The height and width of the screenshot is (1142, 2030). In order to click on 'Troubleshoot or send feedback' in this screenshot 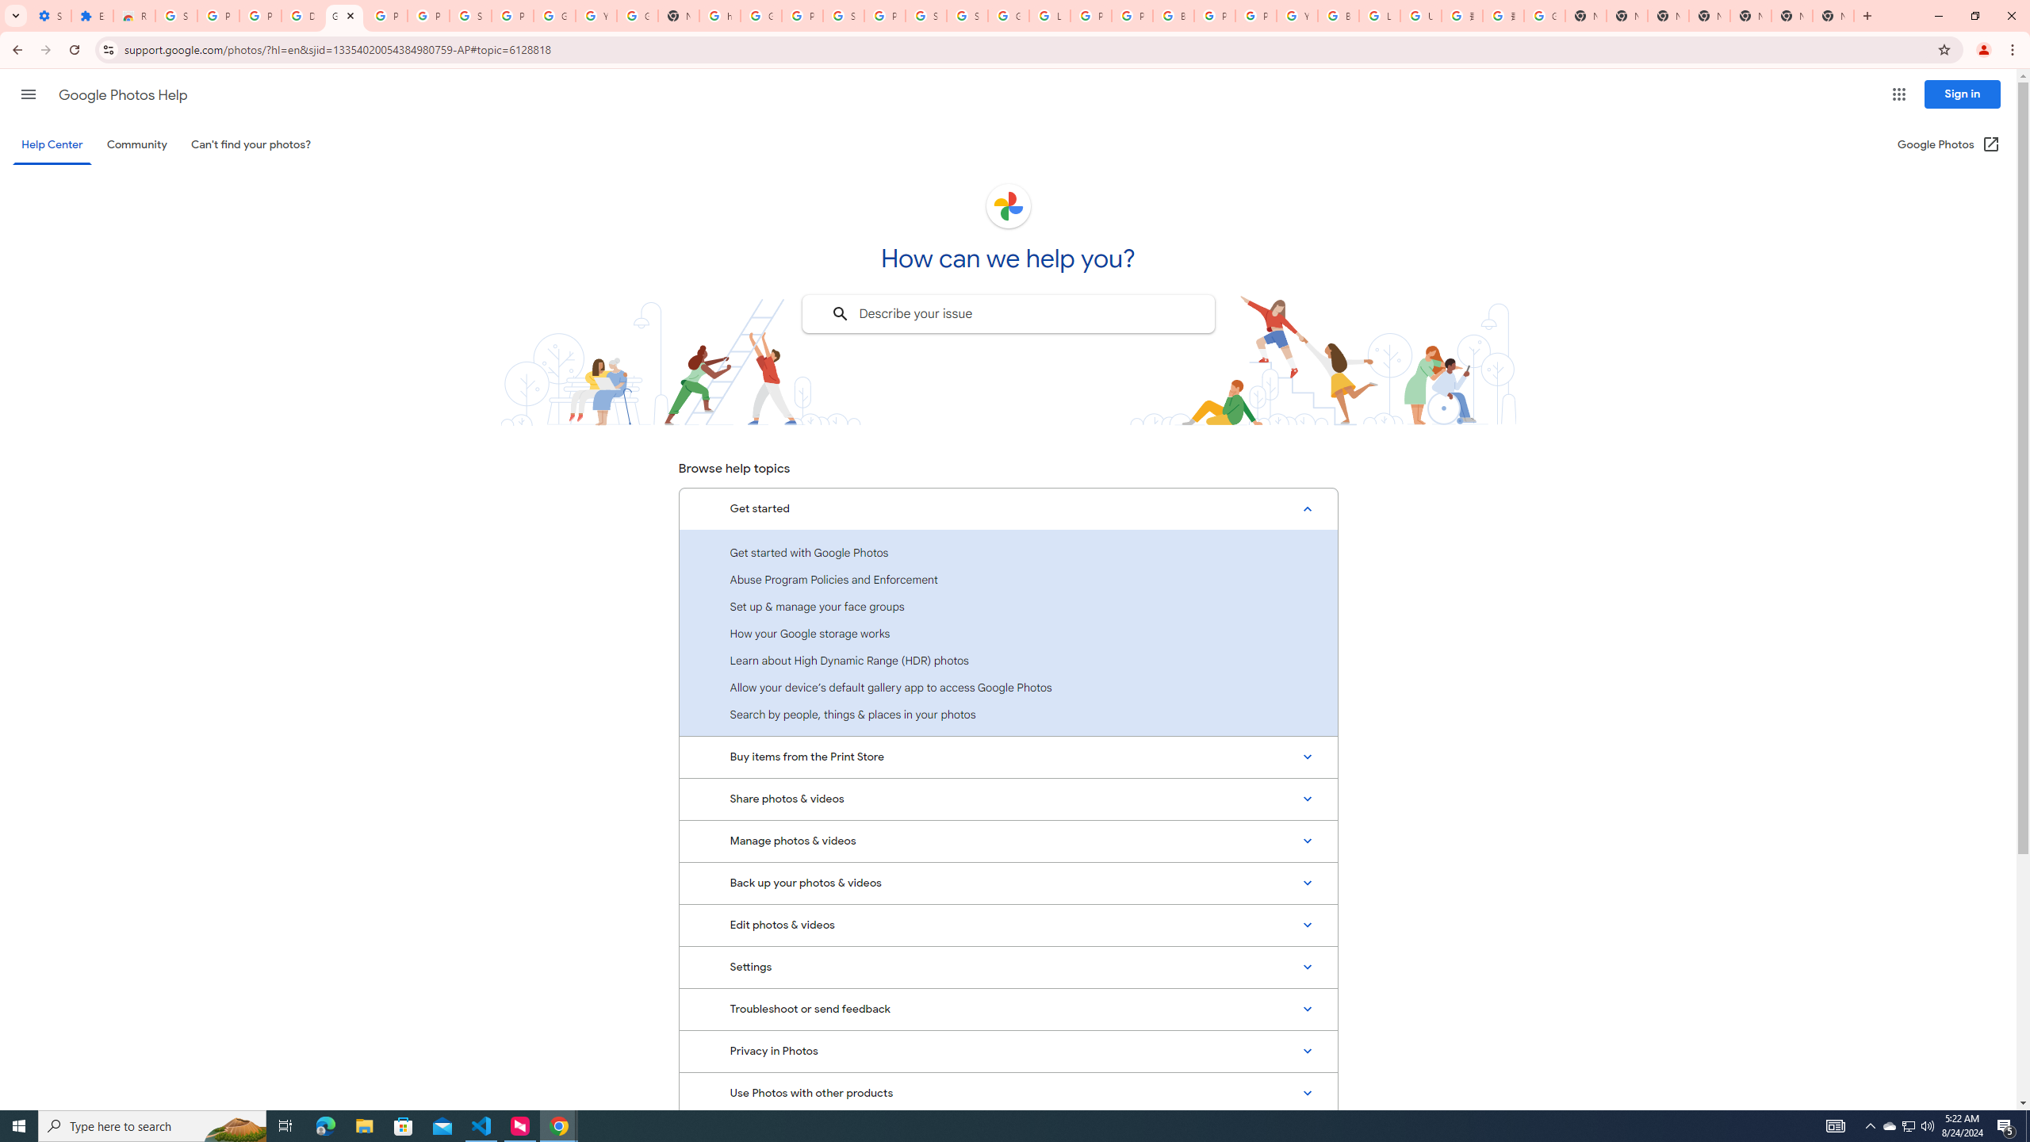, I will do `click(1008, 1008)`.